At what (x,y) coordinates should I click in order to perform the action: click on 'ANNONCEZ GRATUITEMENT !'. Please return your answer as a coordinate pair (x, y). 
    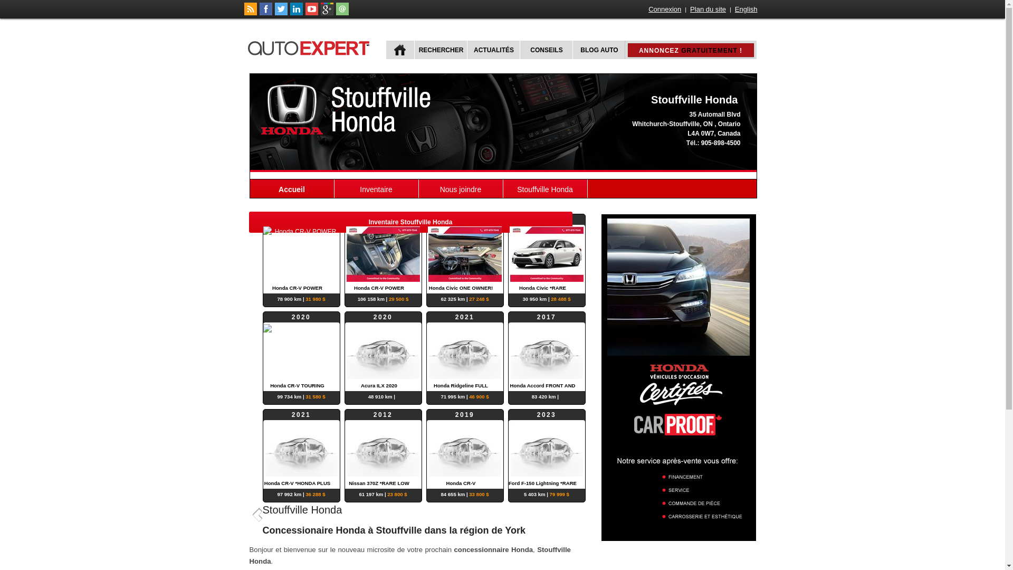
    Looking at the image, I should click on (691, 50).